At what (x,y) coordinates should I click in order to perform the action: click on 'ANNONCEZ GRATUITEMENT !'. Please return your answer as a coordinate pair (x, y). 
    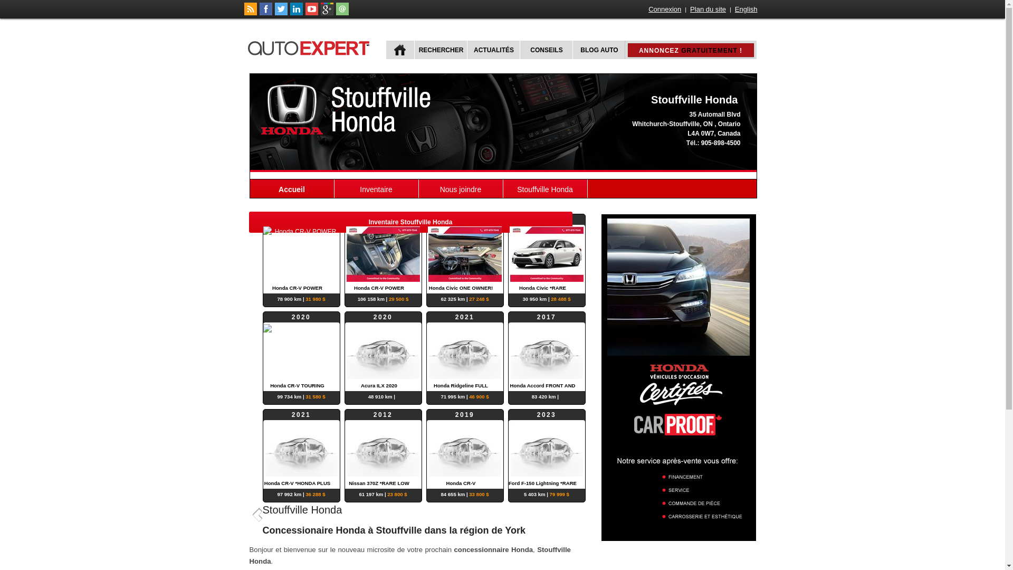
    Looking at the image, I should click on (691, 50).